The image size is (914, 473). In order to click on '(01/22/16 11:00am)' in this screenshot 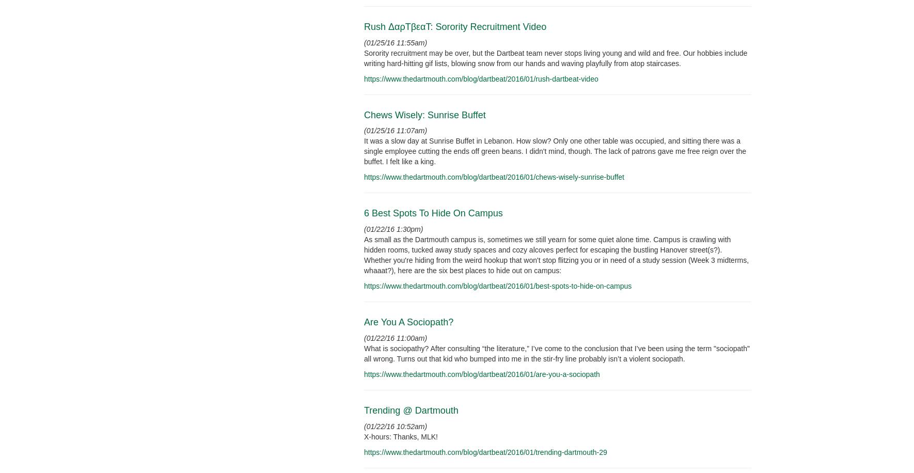, I will do `click(363, 338)`.